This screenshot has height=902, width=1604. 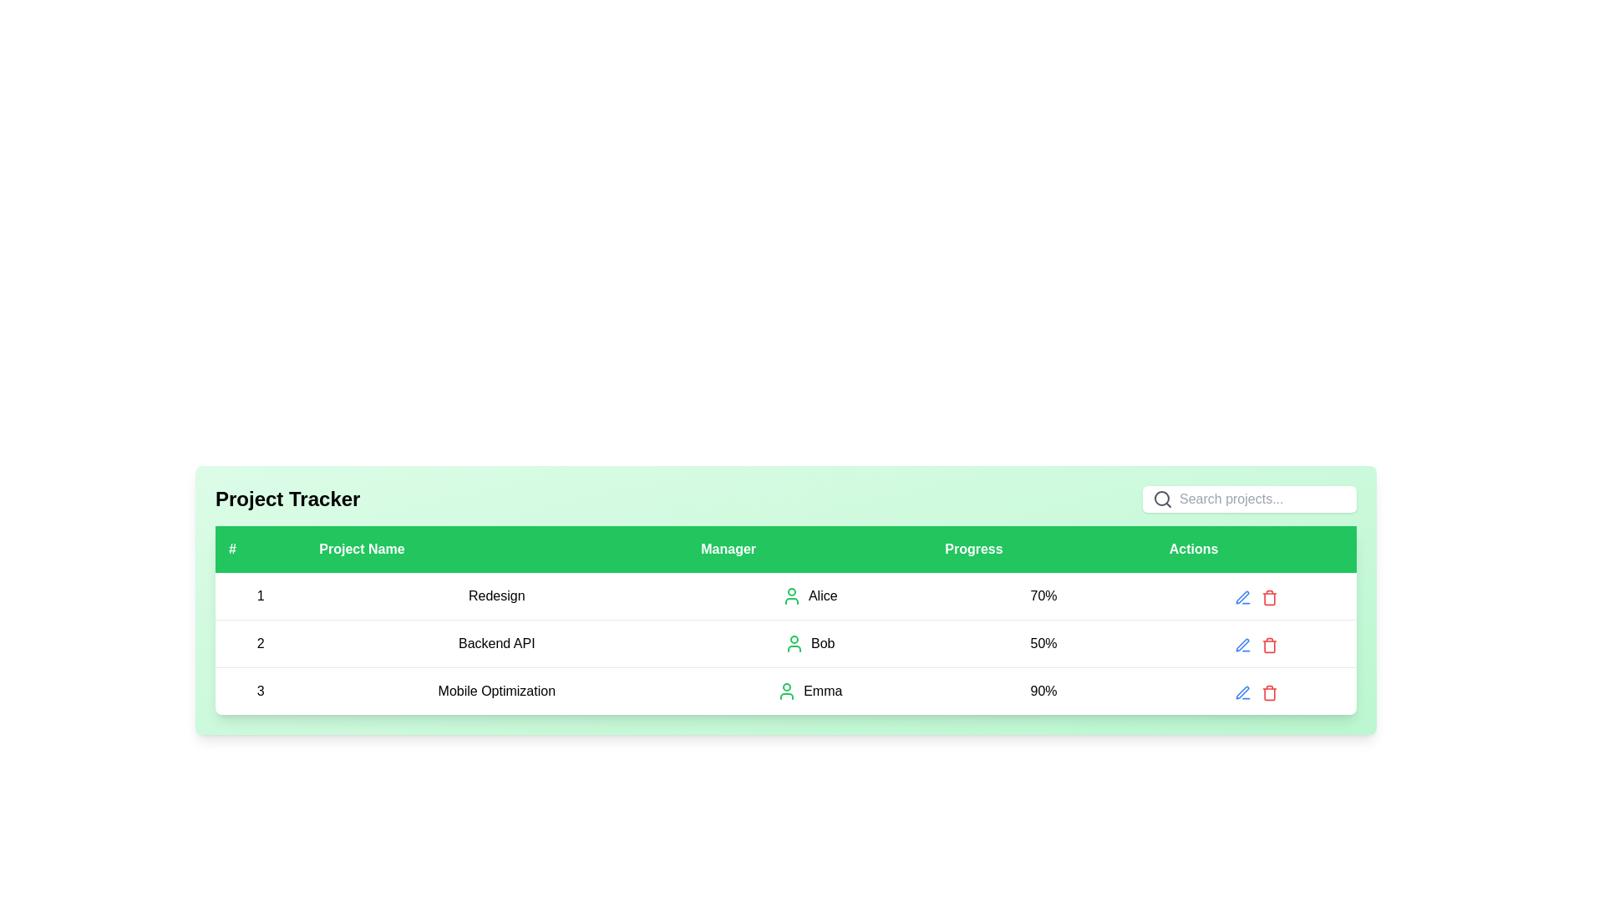 What do you see at coordinates (1242, 644) in the screenshot?
I see `the edit button located in the second row of the 'Actions' column of the table` at bounding box center [1242, 644].